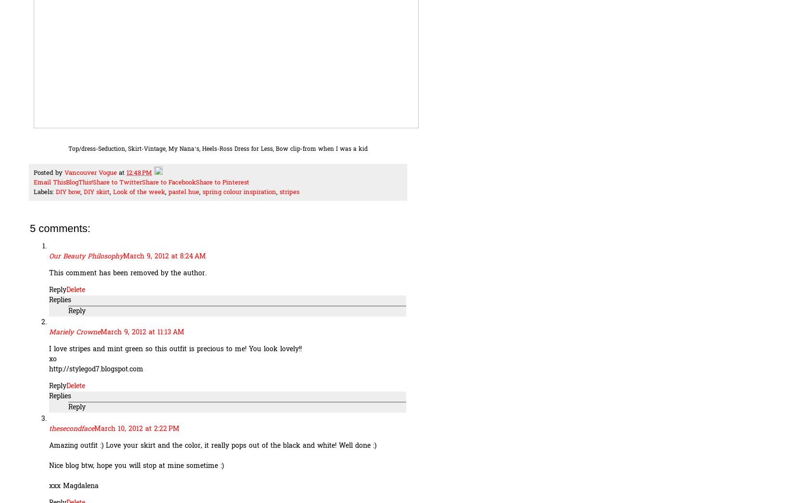 The height and width of the screenshot is (503, 798). I want to click on 'Labels:', so click(44, 192).